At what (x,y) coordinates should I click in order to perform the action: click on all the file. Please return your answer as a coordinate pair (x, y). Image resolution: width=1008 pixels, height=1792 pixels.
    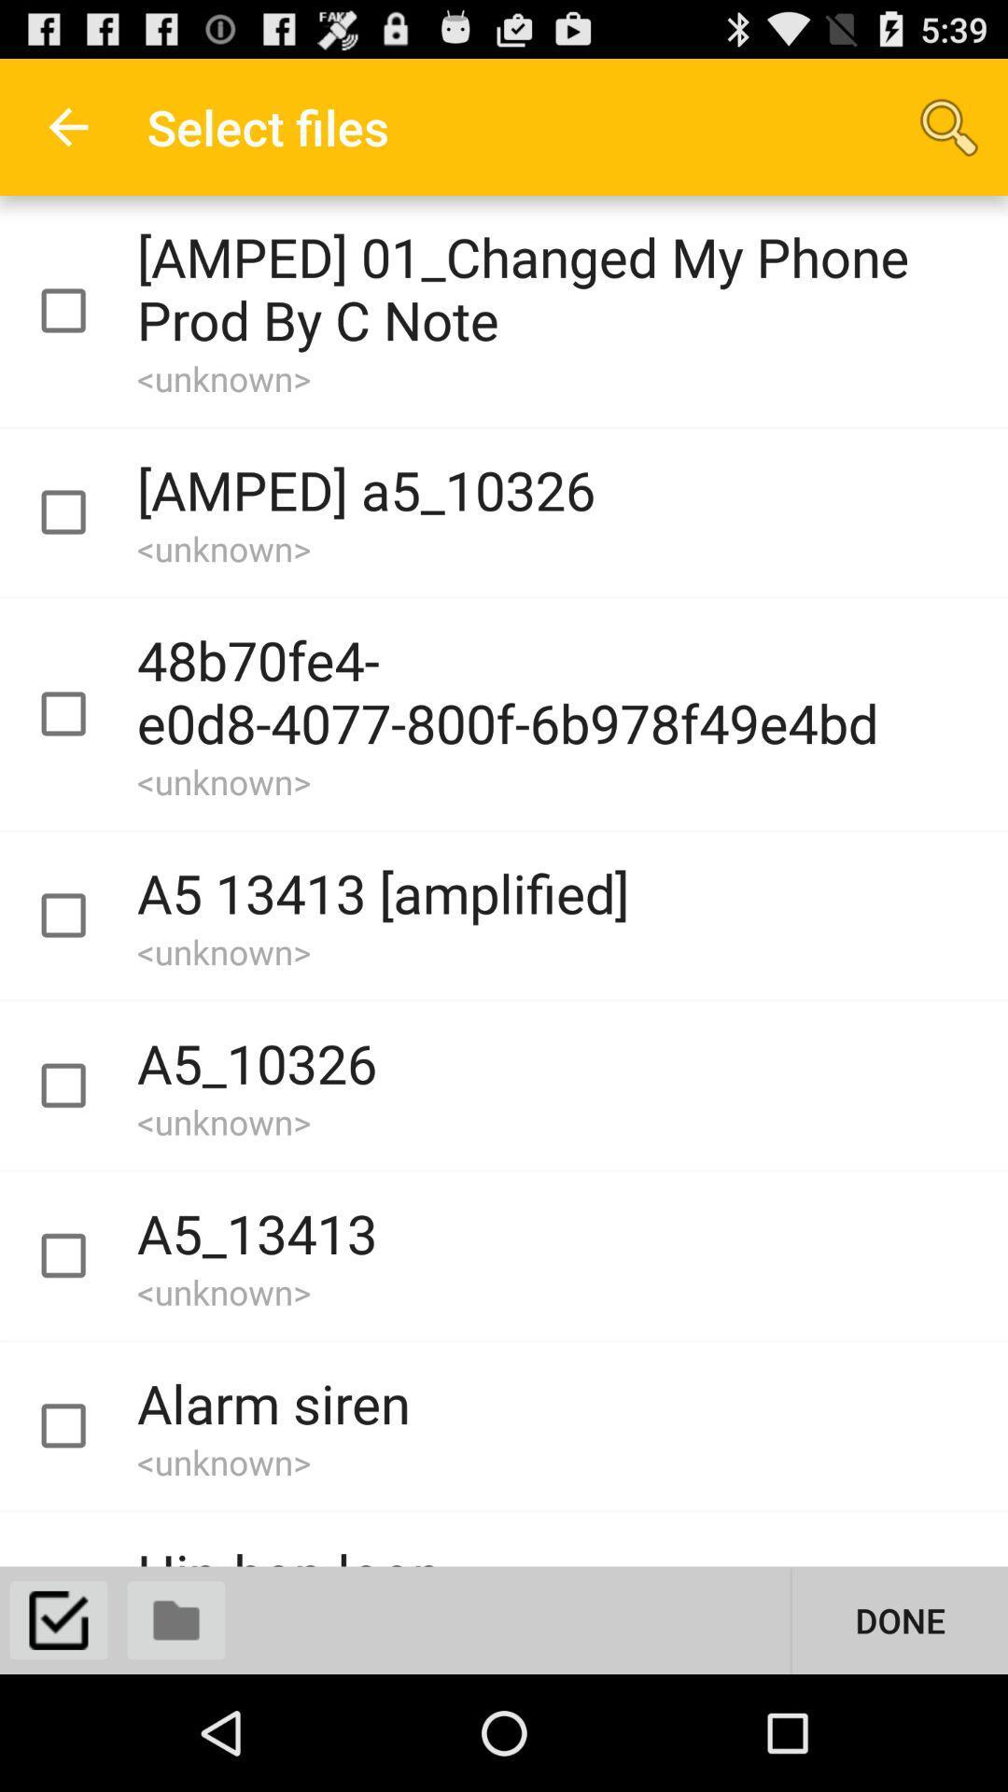
    Looking at the image, I should click on (57, 1619).